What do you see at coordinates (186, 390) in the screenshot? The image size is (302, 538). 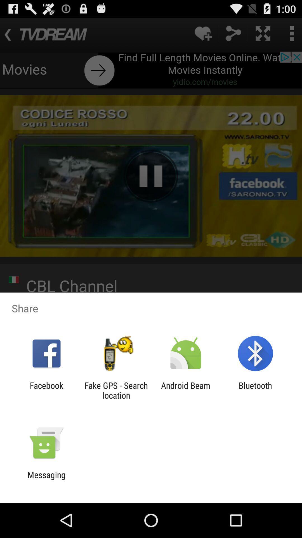 I see `android beam app` at bounding box center [186, 390].